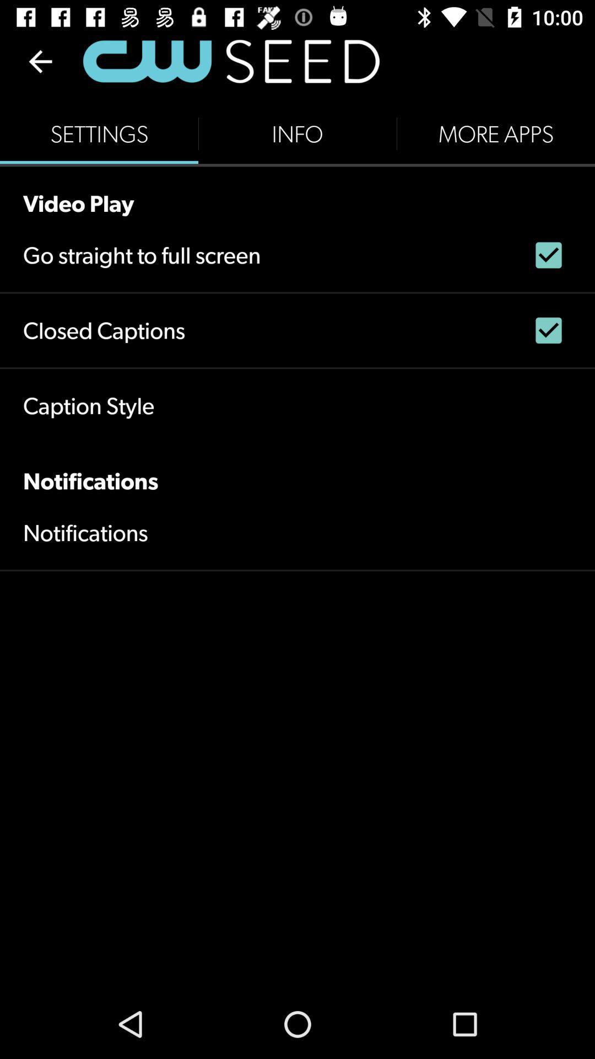 This screenshot has width=595, height=1059. I want to click on the text above the settings, so click(230, 61).